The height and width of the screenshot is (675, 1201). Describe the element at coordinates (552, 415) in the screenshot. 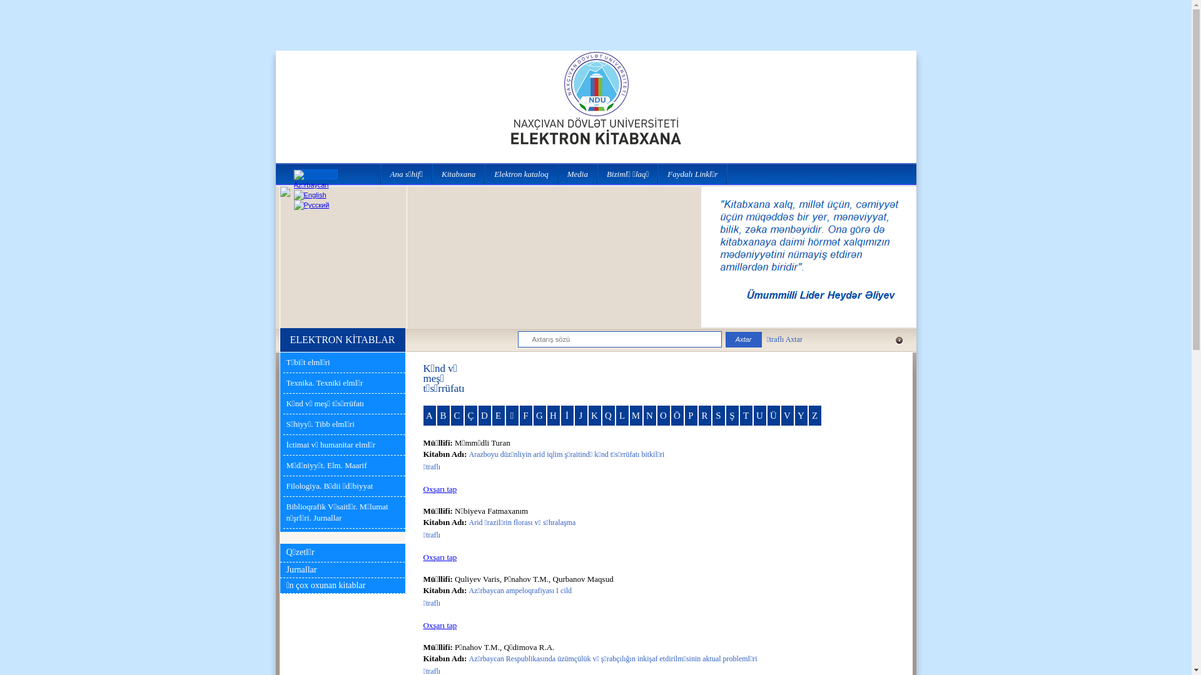

I see `'H'` at that location.